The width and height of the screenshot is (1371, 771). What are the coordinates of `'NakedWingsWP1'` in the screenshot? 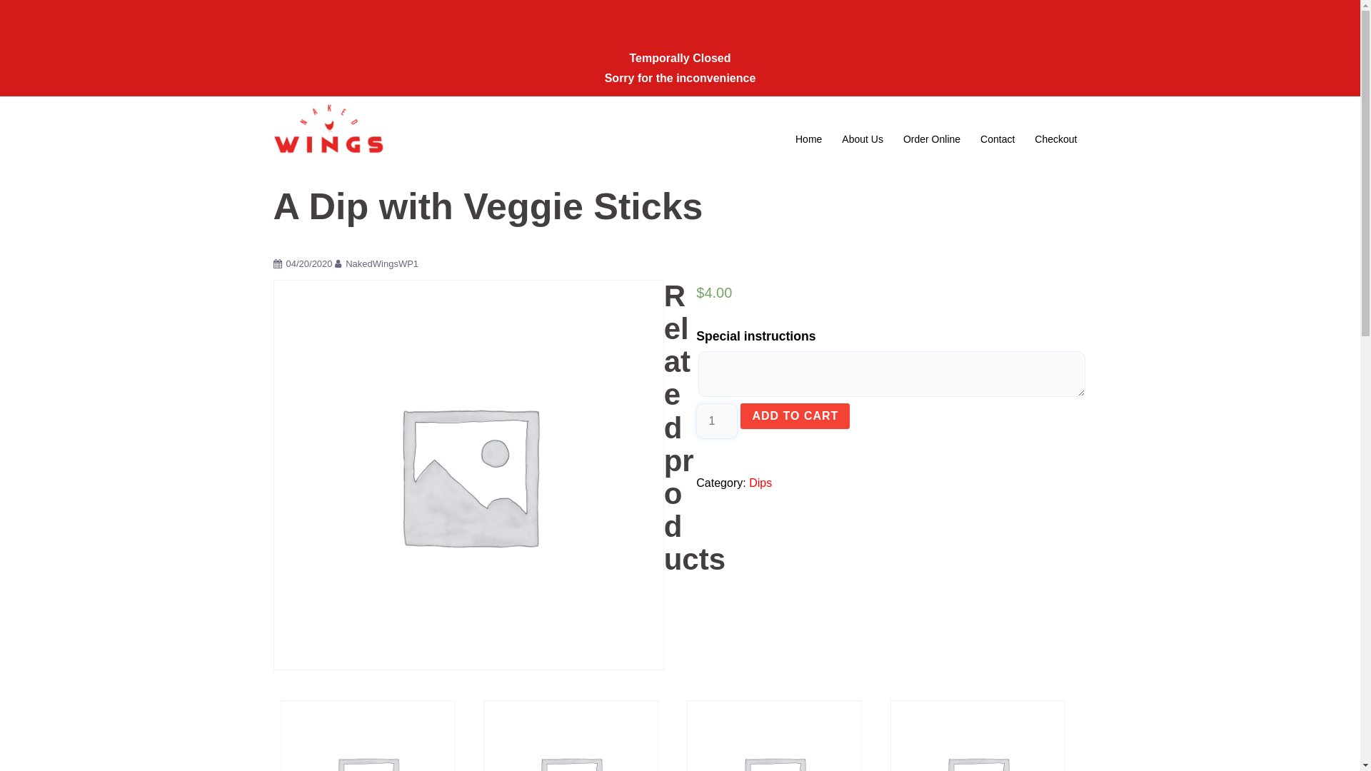 It's located at (381, 263).